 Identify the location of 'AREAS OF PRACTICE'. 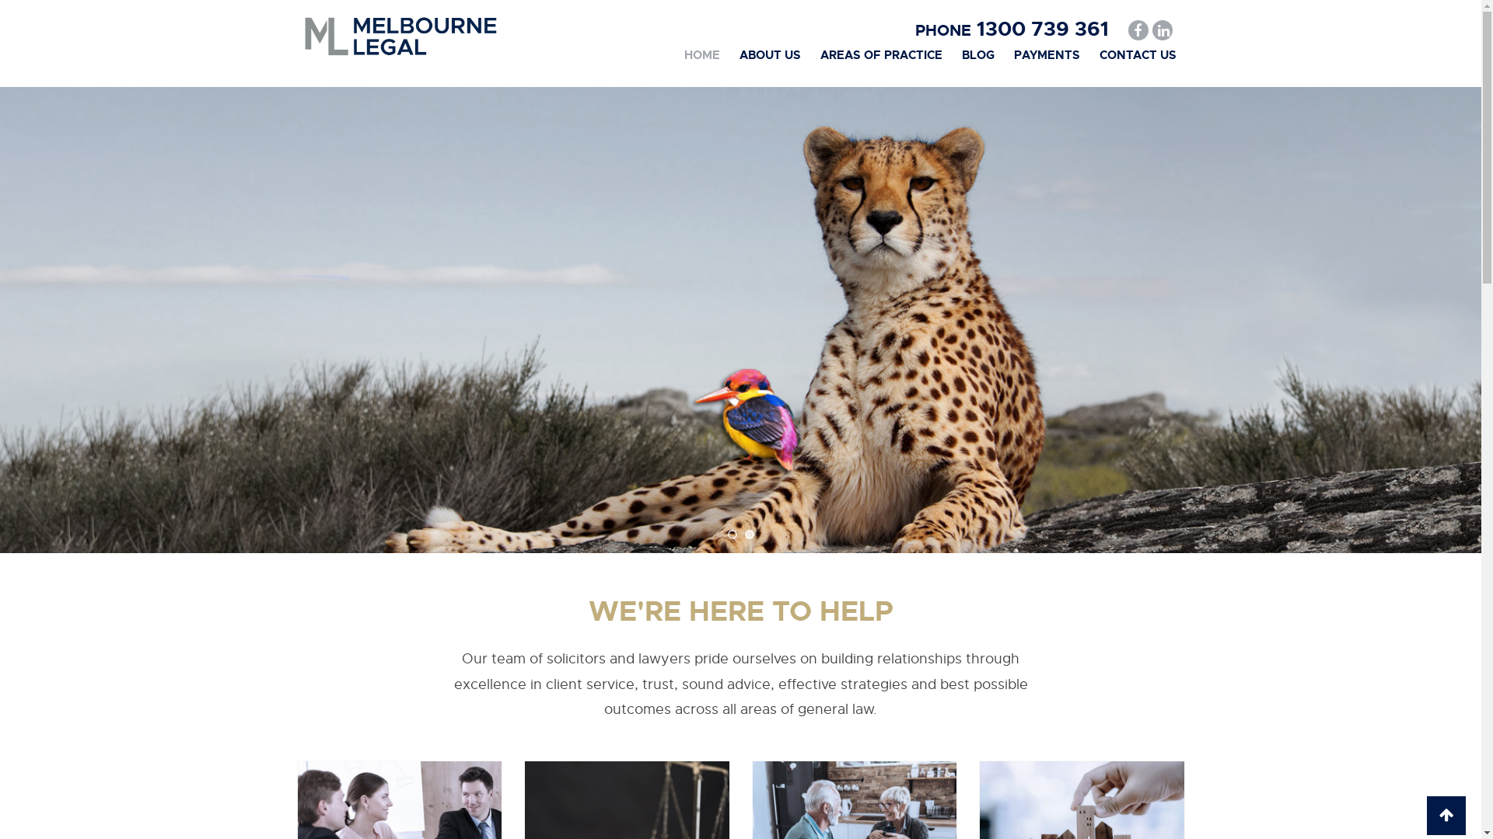
(880, 54).